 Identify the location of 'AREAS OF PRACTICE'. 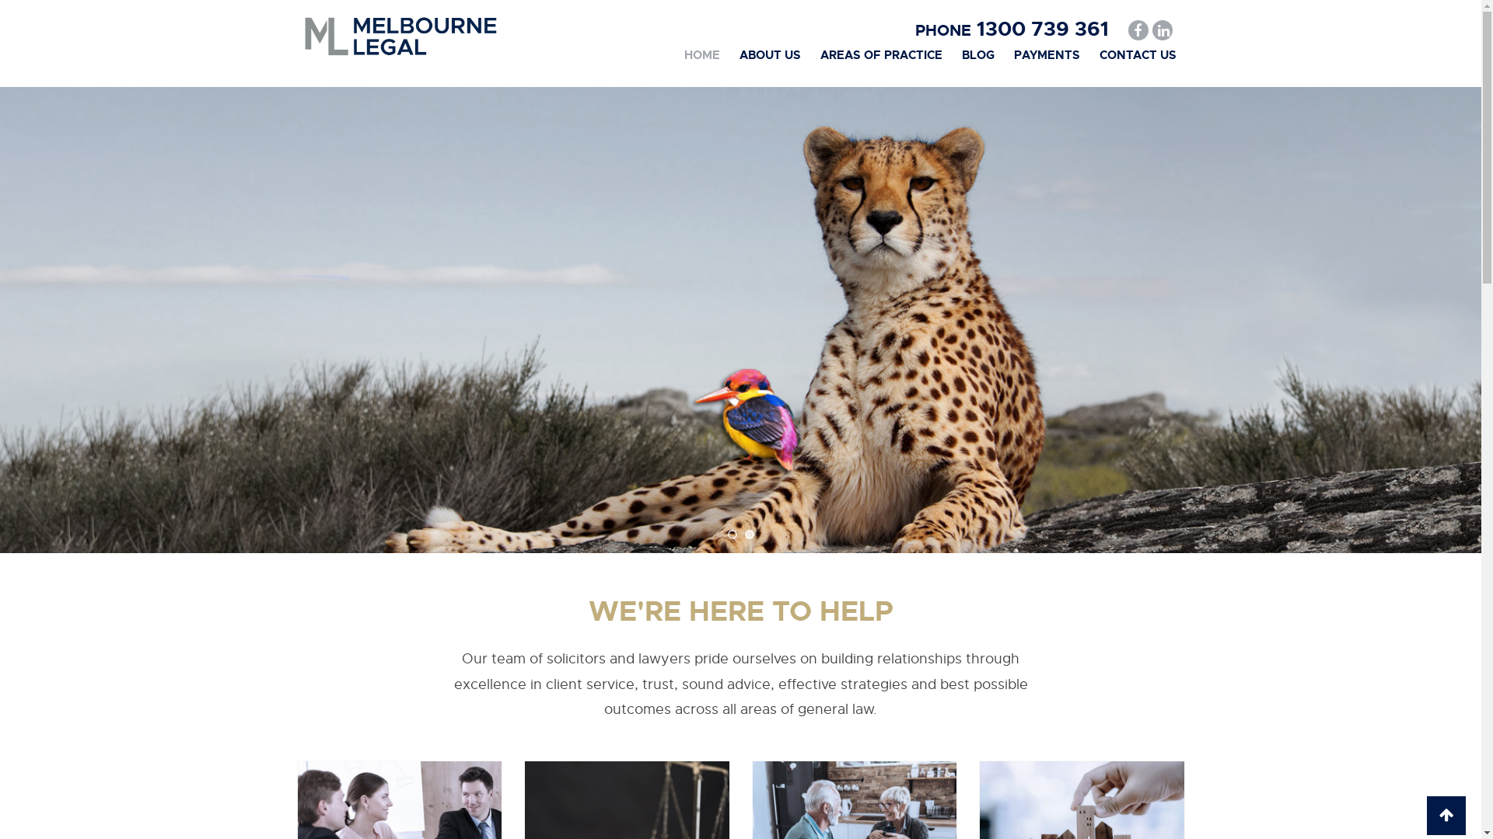
(880, 54).